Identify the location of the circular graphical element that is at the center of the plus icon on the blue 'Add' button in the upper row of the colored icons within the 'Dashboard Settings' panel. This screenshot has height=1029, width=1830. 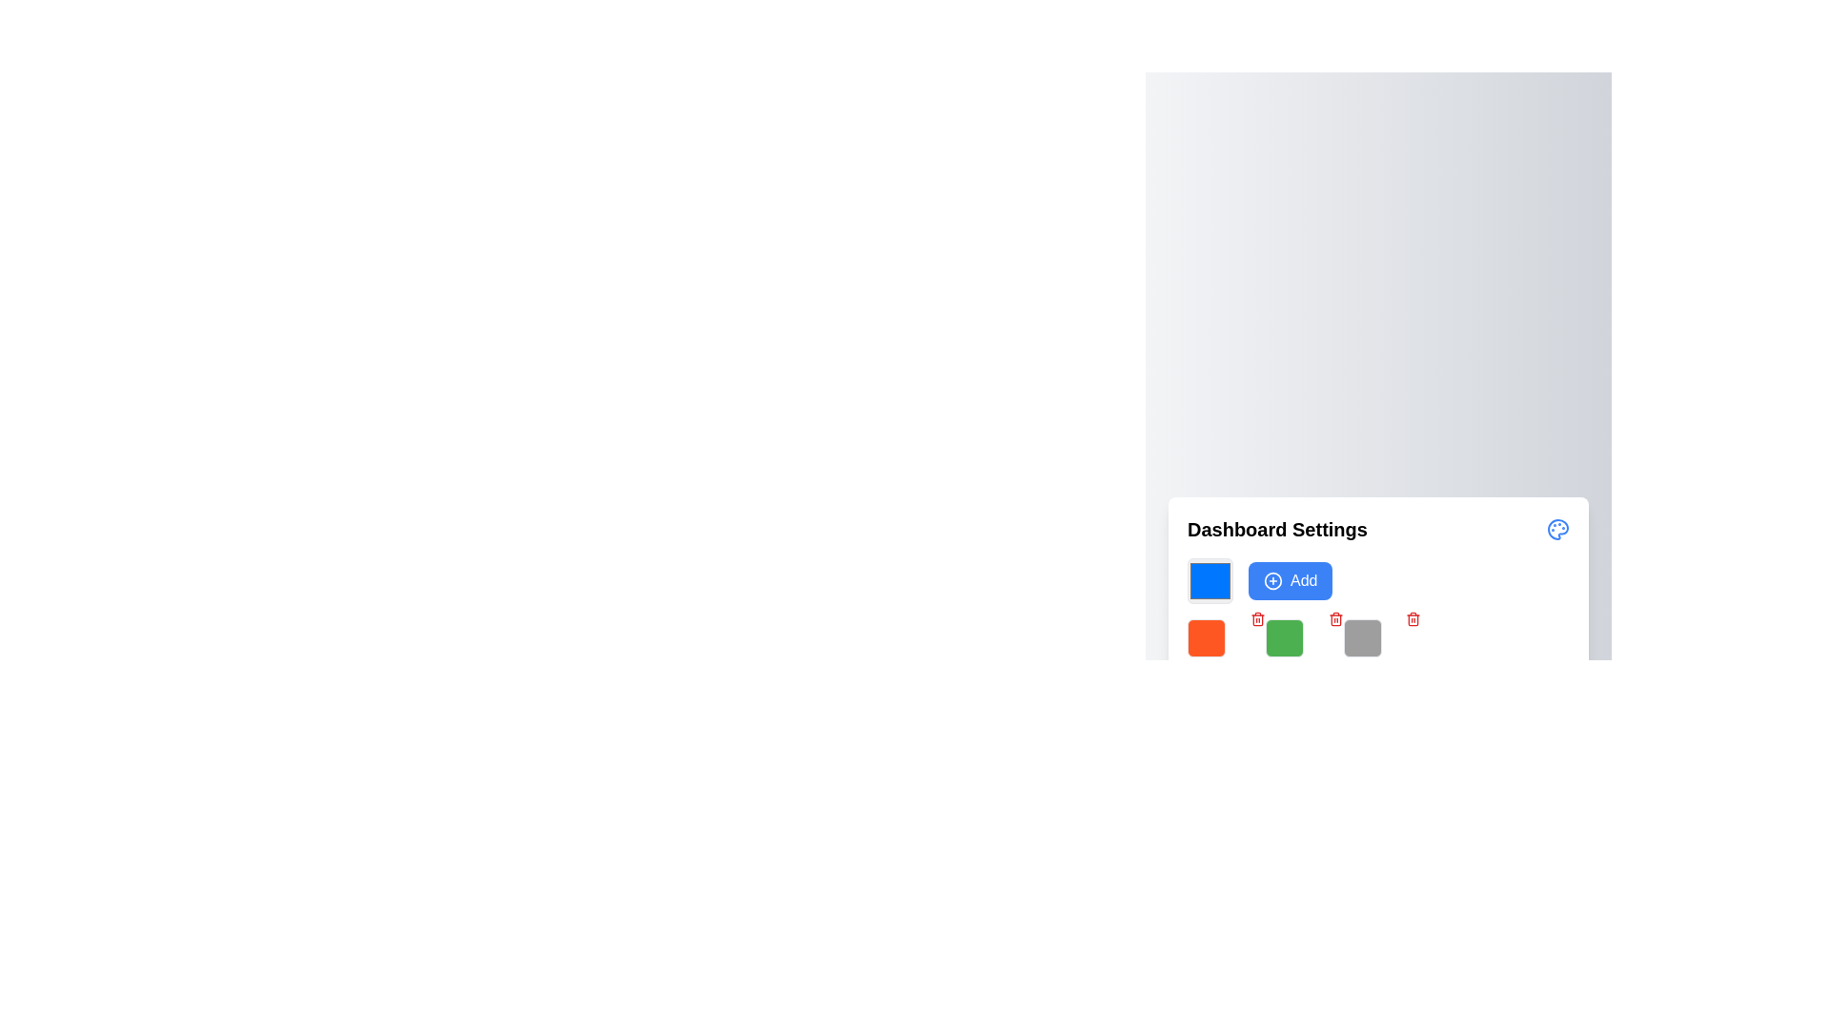
(1272, 579).